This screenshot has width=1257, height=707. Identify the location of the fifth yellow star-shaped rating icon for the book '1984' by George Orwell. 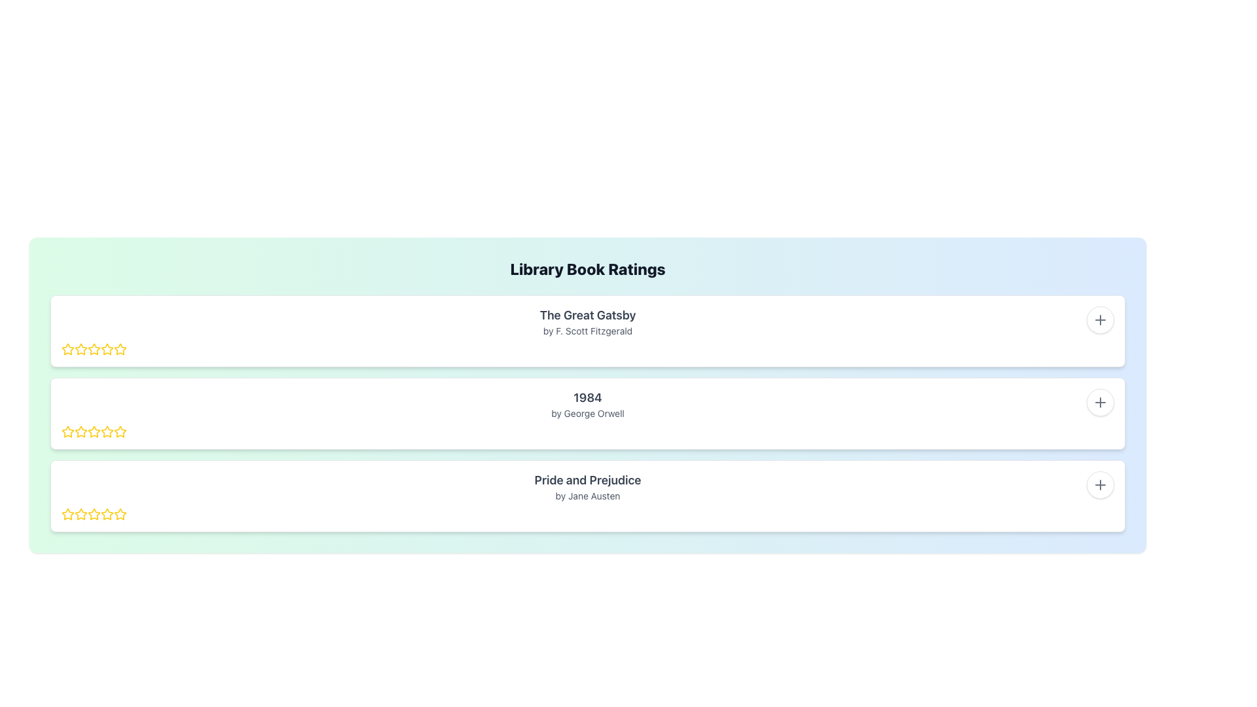
(120, 431).